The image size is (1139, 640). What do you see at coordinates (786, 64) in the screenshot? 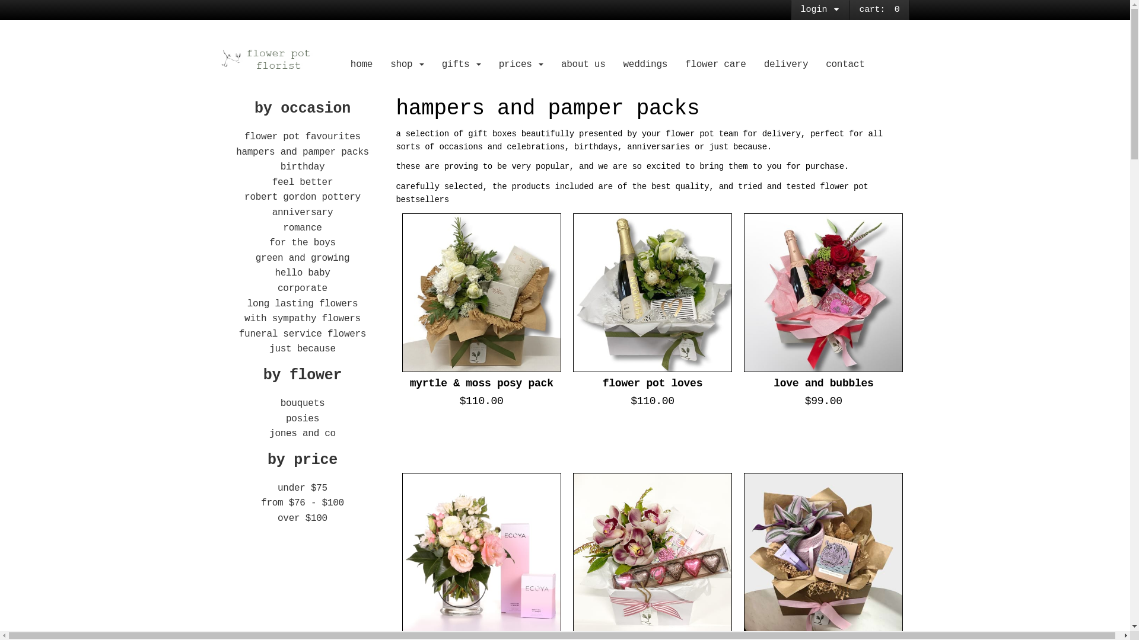
I see `'delivery'` at bounding box center [786, 64].